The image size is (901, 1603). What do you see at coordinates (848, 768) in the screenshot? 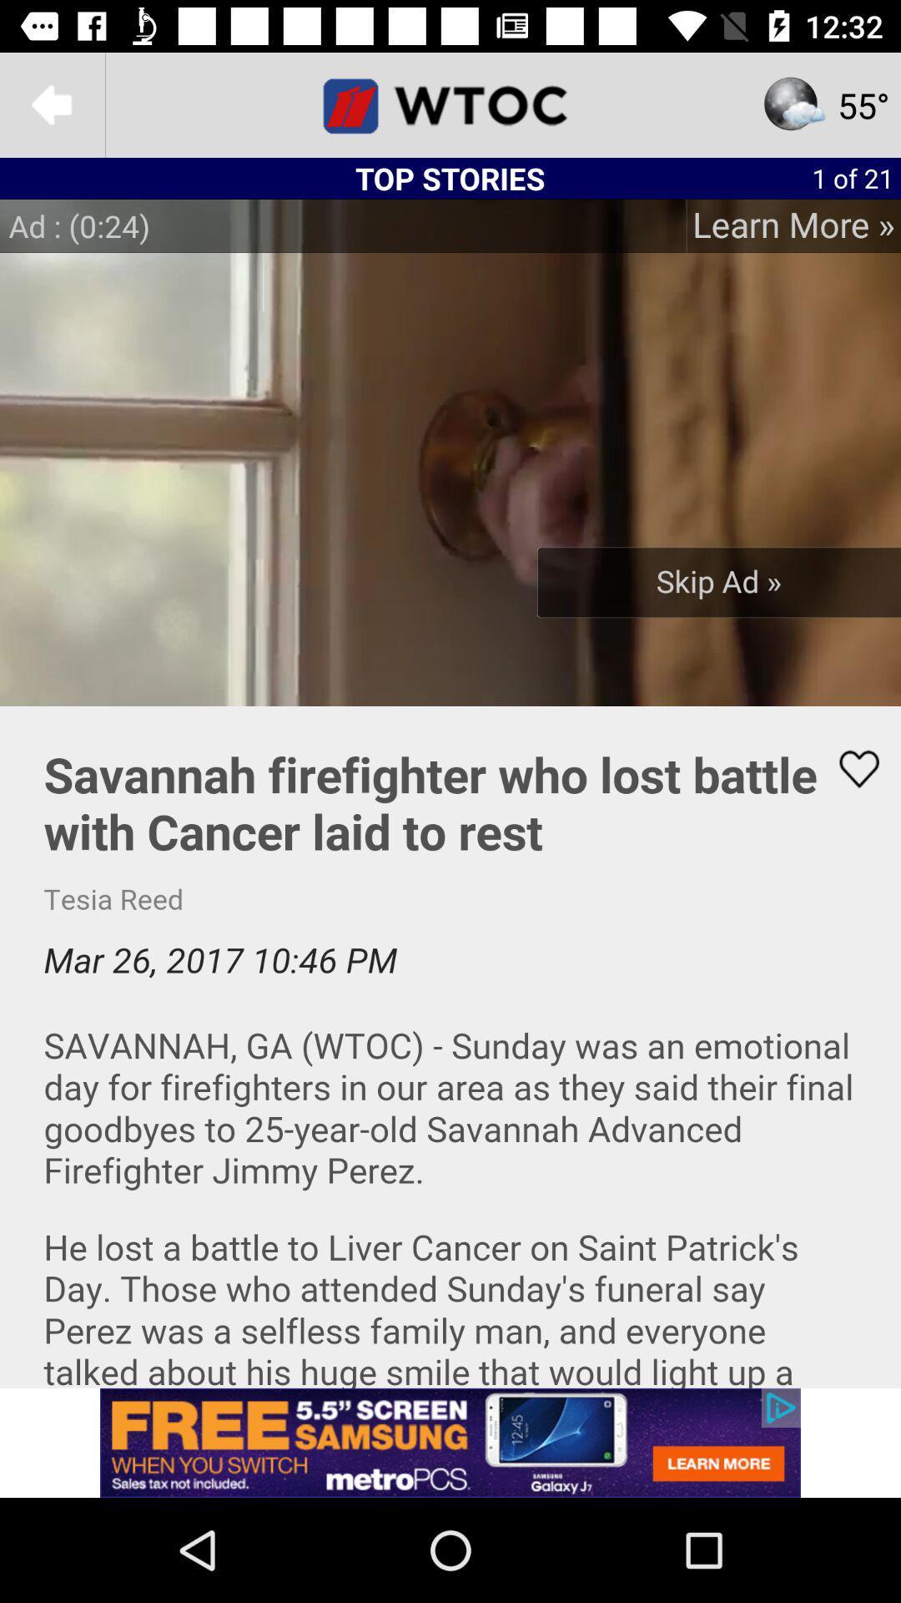
I see `favorite` at bounding box center [848, 768].